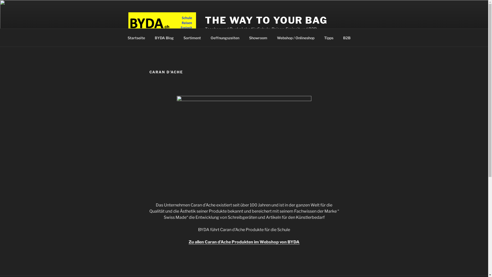 This screenshot has width=492, height=277. Describe the element at coordinates (164, 37) in the screenshot. I see `'BYDA Blog'` at that location.